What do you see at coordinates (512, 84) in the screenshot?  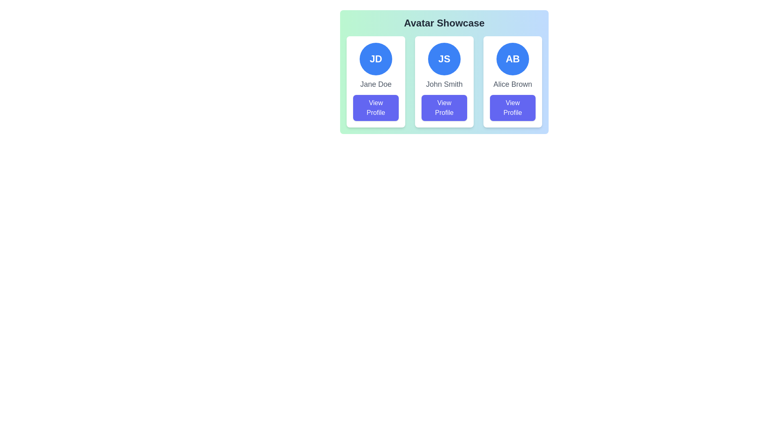 I see `the text label displaying 'Alice Brown', which is located under the circular avatar with 'AB' and above the 'View Profile' button` at bounding box center [512, 84].